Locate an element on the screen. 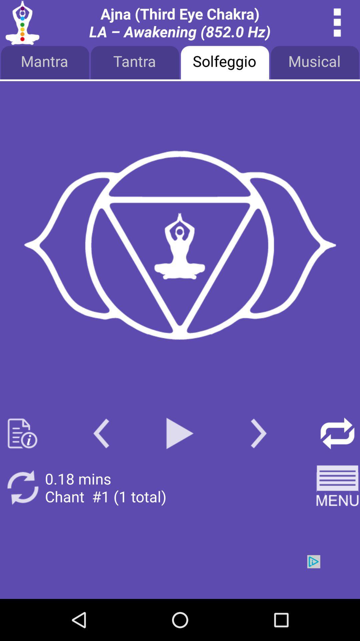  go back is located at coordinates (101, 433).